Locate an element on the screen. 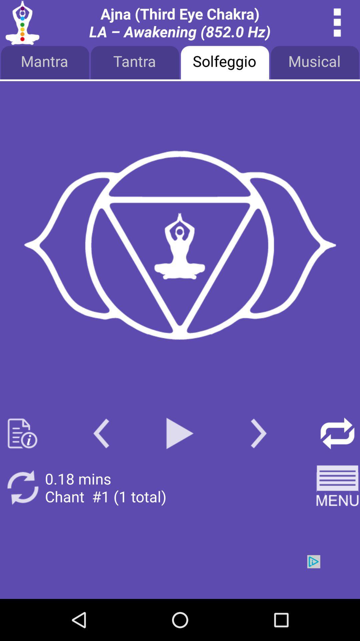  go back is located at coordinates (101, 433).